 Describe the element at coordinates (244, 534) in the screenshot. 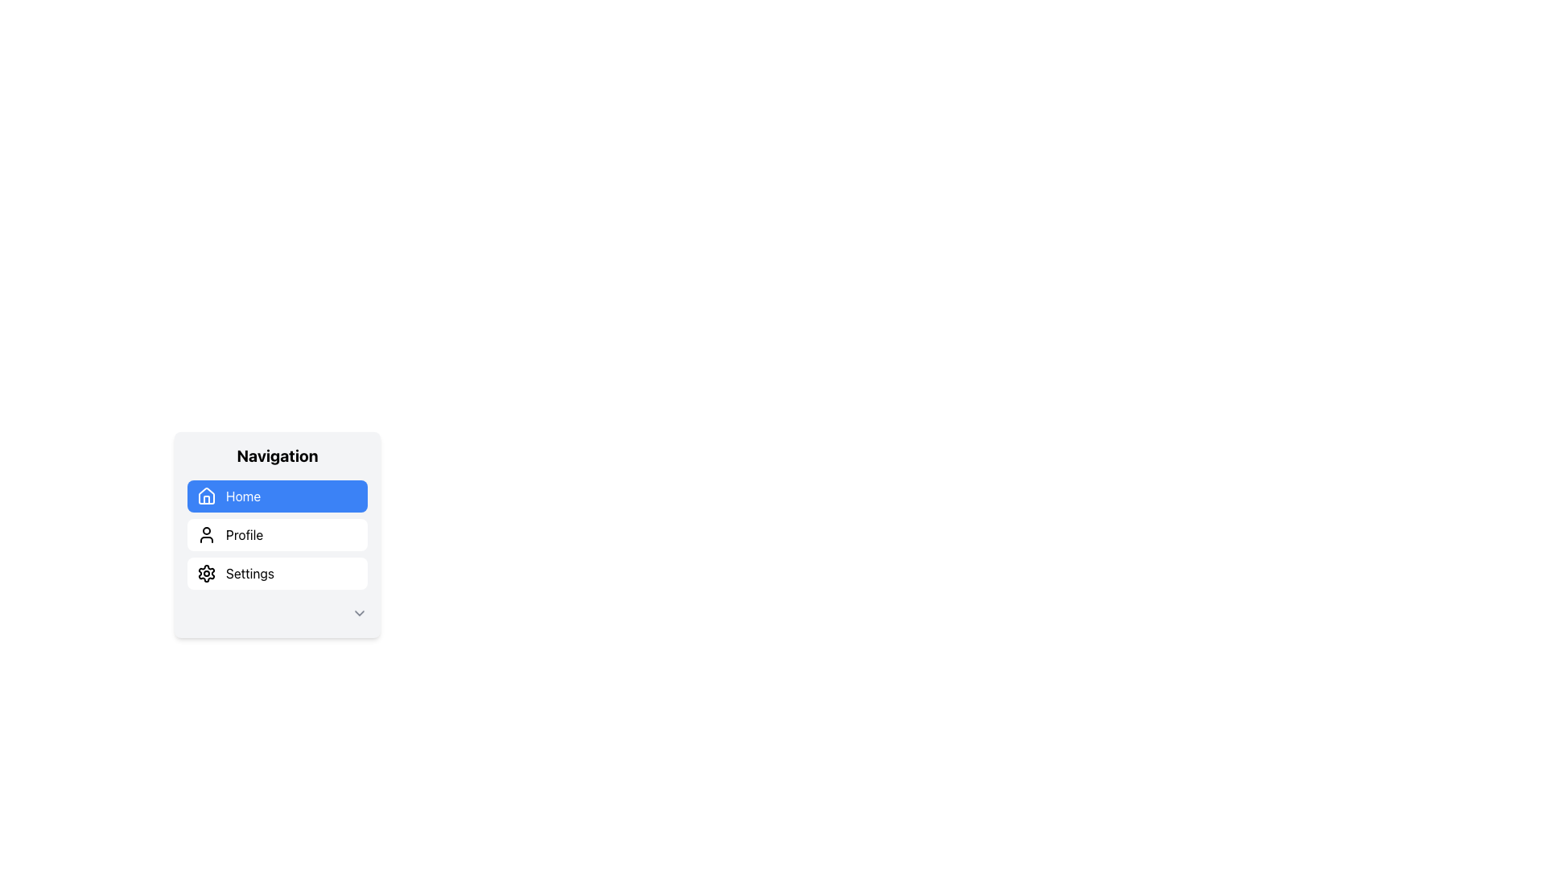

I see `the text label displaying 'Profile' which is part of the navigation panel and positioned below the user profile icon` at that location.